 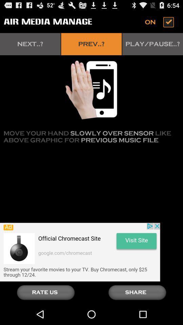 I want to click on on/ off, so click(x=160, y=22).